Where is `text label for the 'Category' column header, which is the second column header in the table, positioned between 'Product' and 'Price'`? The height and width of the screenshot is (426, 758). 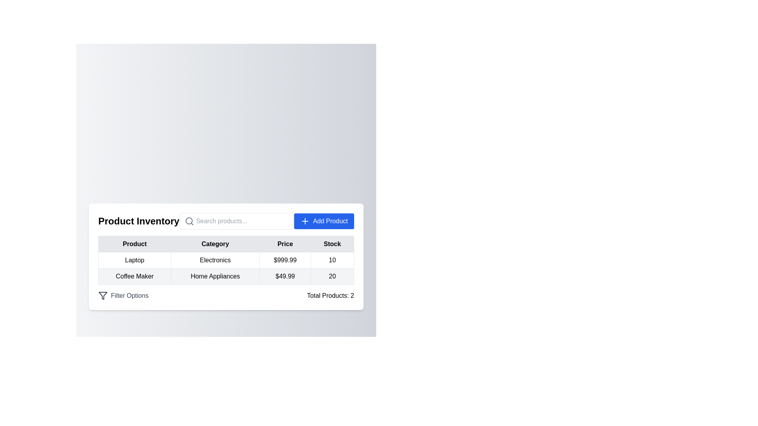
text label for the 'Category' column header, which is the second column header in the table, positioned between 'Product' and 'Price' is located at coordinates (215, 243).